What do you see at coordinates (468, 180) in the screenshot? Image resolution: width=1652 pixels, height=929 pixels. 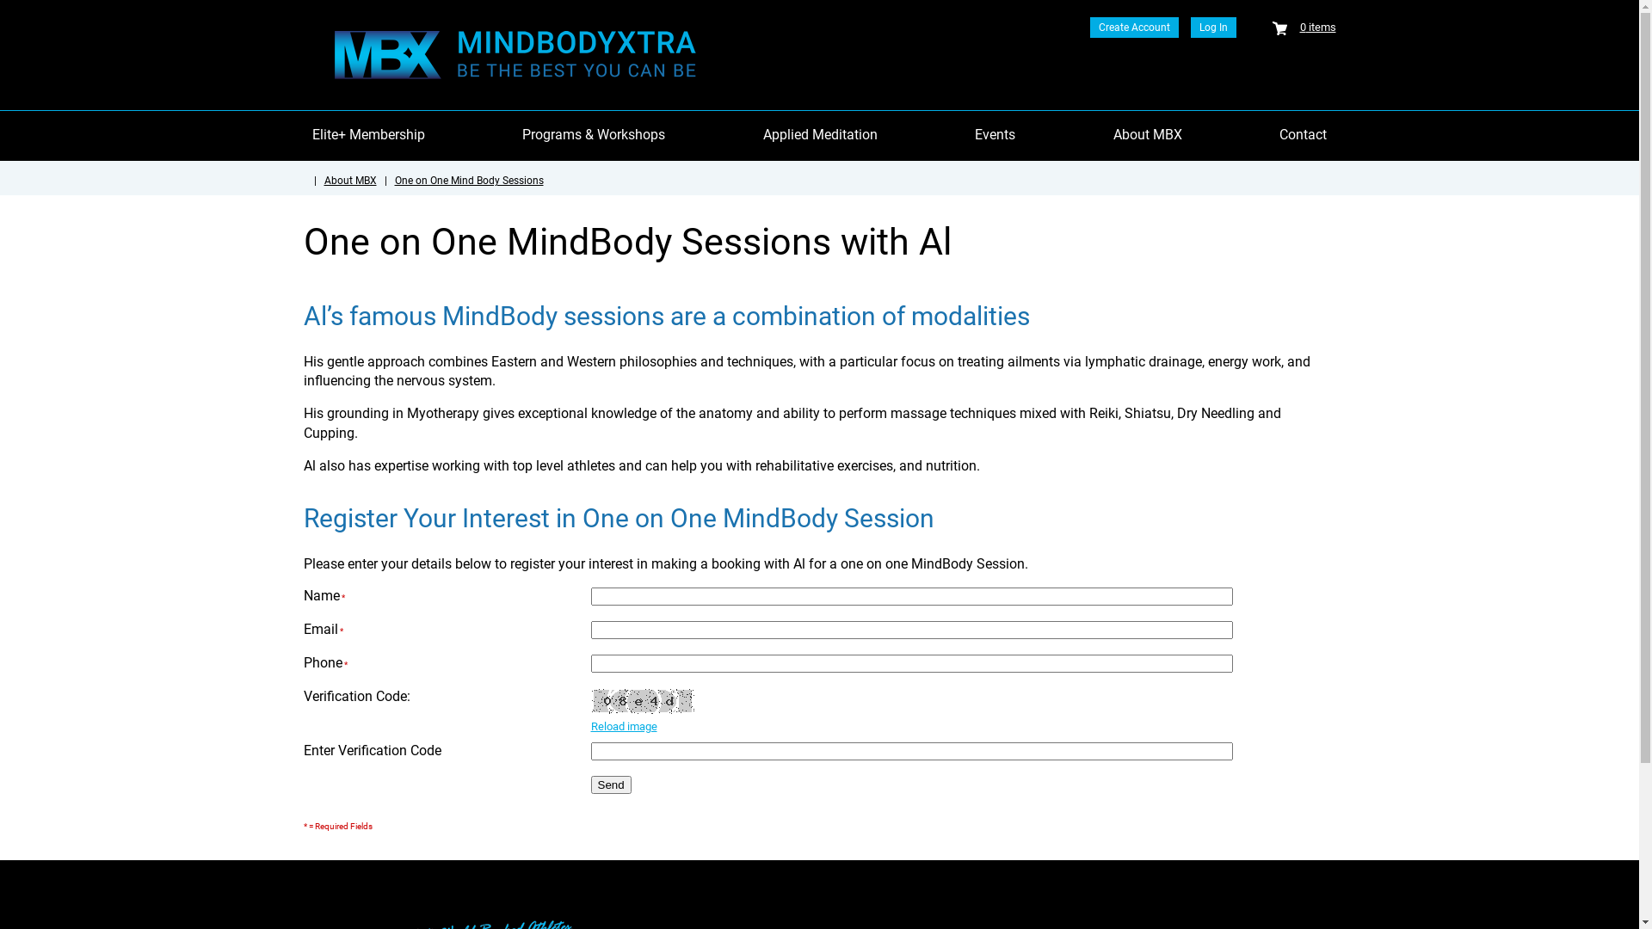 I see `'One on One Mind Body Sessions'` at bounding box center [468, 180].